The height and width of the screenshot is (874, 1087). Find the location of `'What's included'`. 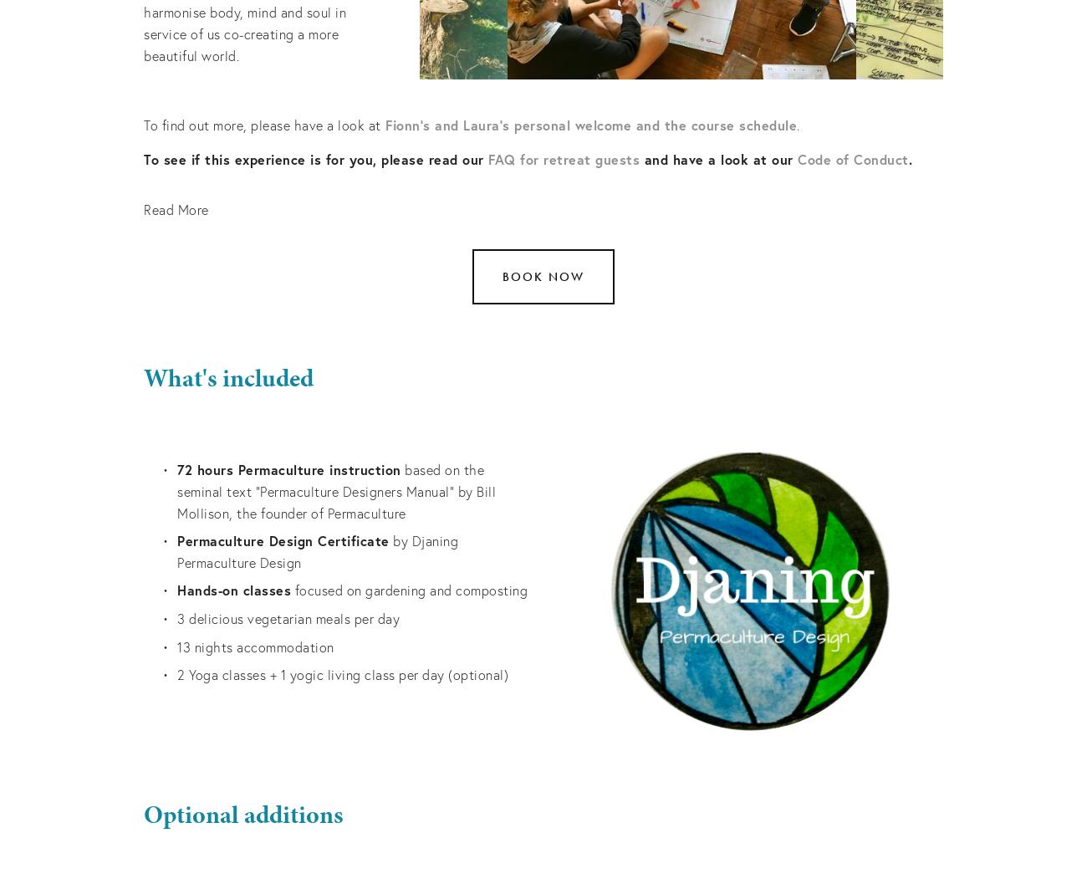

'What's included' is located at coordinates (143, 377).